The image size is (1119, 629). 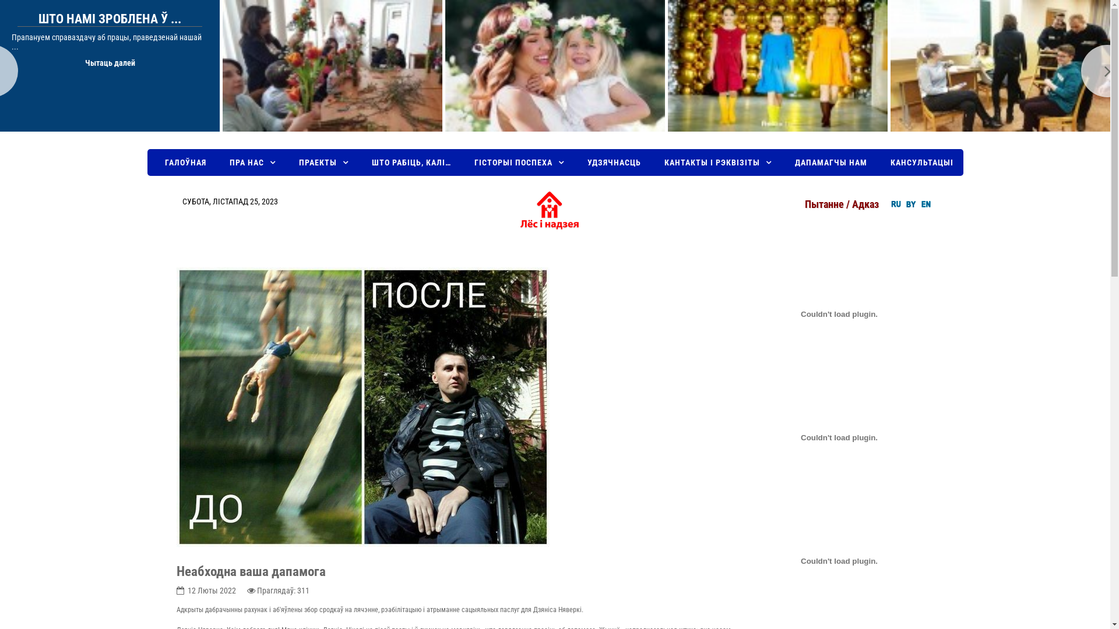 What do you see at coordinates (925, 203) in the screenshot?
I see `'English (UK)'` at bounding box center [925, 203].